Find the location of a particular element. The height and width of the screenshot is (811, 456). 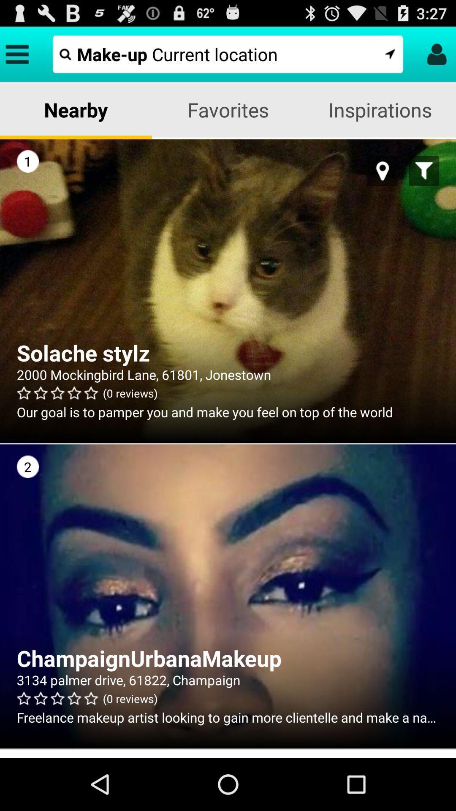

item to the right of nearby icon is located at coordinates (228, 109).